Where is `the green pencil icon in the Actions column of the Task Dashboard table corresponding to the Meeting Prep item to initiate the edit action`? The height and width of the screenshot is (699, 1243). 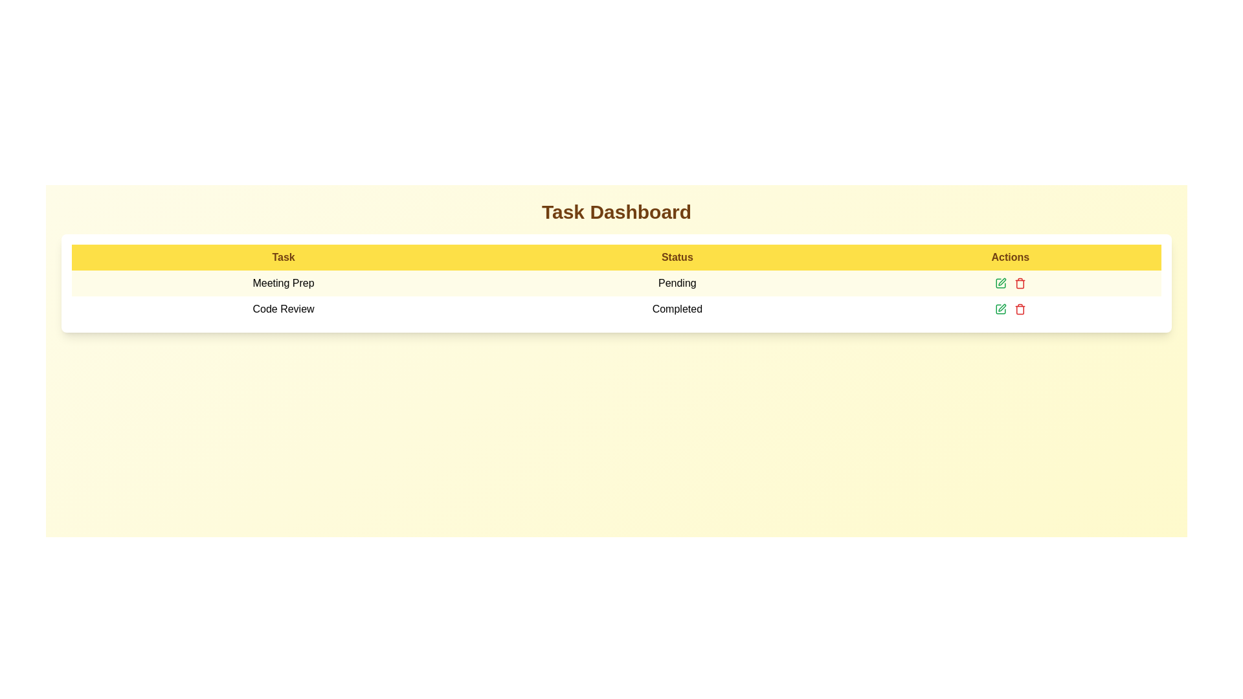 the green pencil icon in the Actions column of the Task Dashboard table corresponding to the Meeting Prep item to initiate the edit action is located at coordinates (1009, 283).